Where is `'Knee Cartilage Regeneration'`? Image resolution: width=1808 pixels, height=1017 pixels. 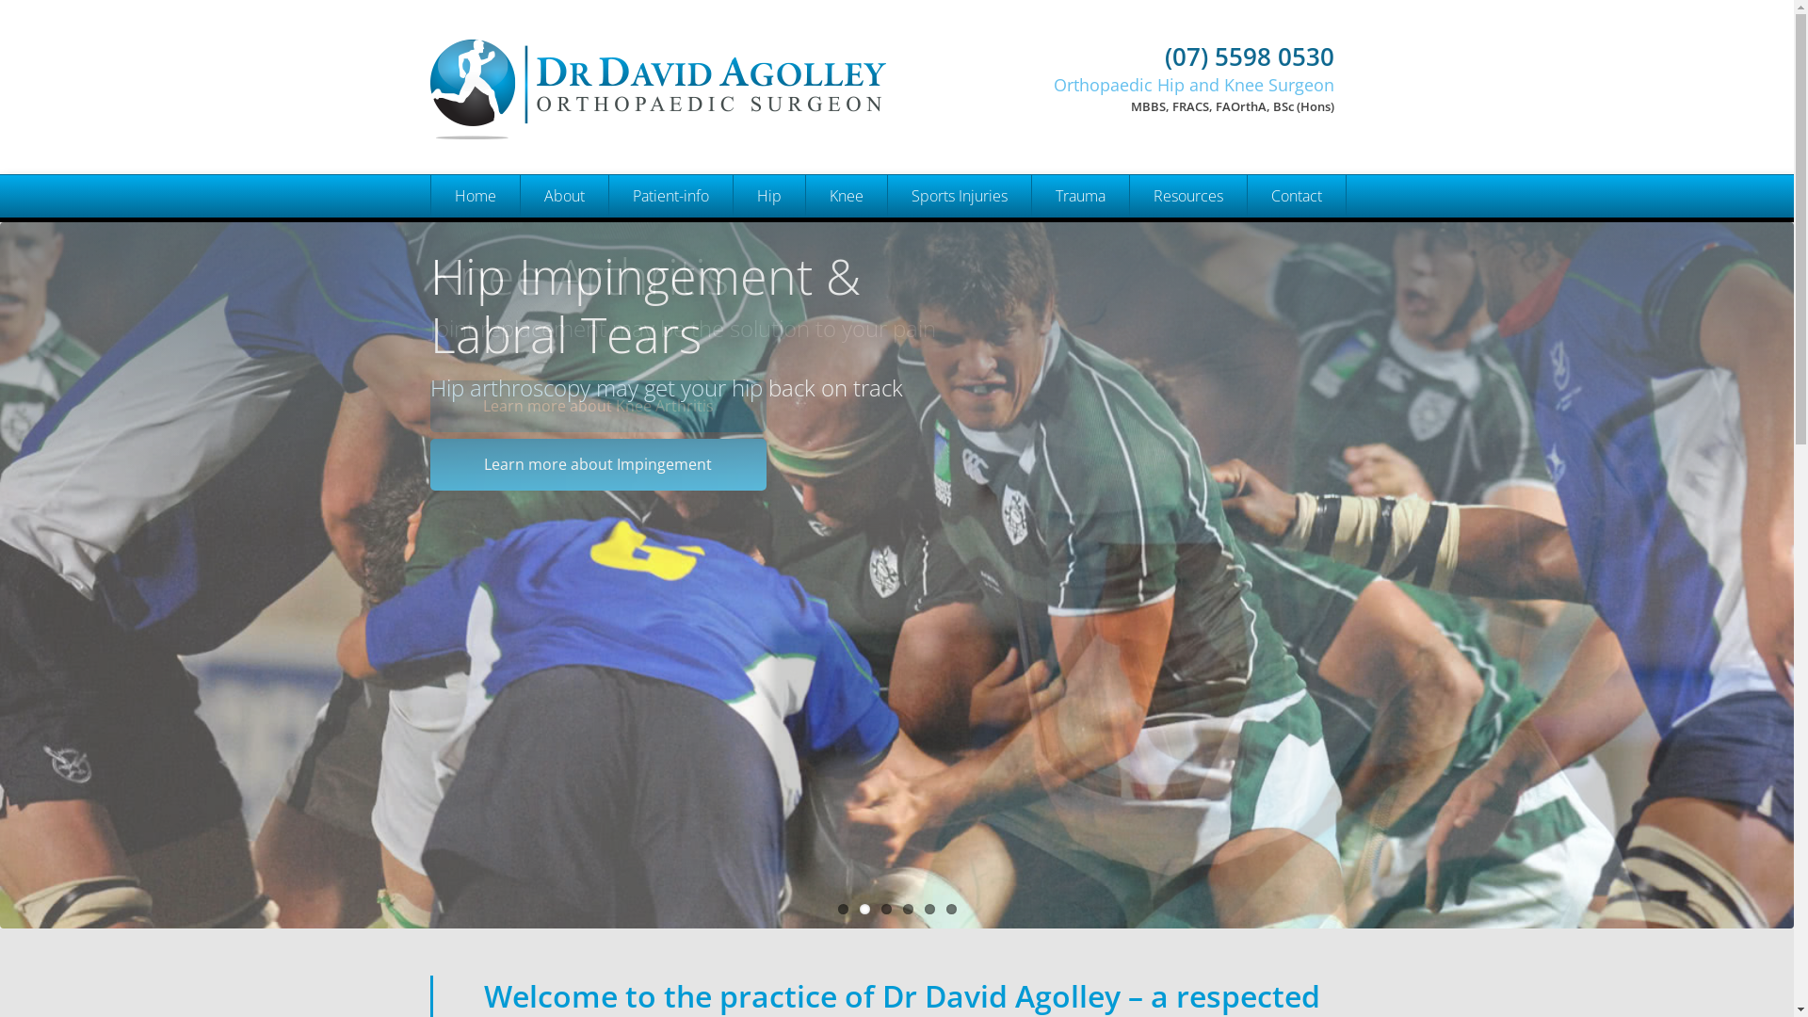
'Knee Cartilage Regeneration' is located at coordinates (844, 535).